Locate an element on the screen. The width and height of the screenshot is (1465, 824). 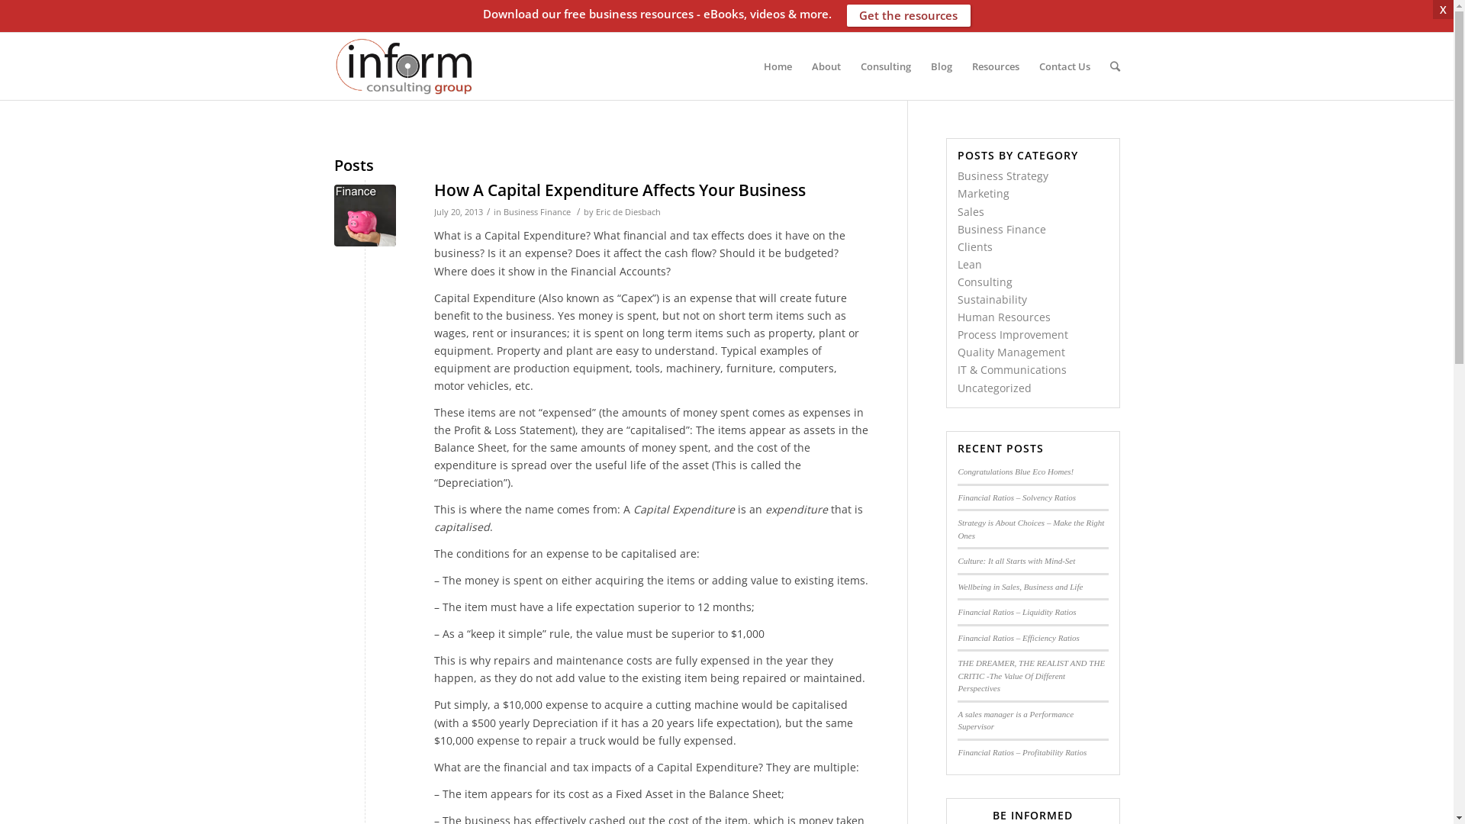
'Uncategorized' is located at coordinates (956, 387).